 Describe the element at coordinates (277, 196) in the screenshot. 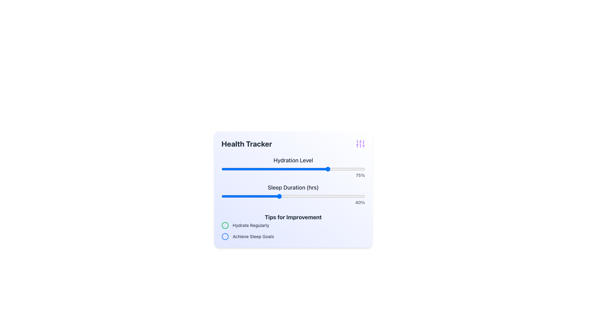

I see `the sleep duration` at that location.